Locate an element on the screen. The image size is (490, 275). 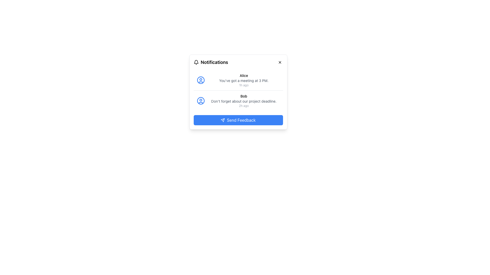
the 'Send Feedback' button is located at coordinates (223, 120).